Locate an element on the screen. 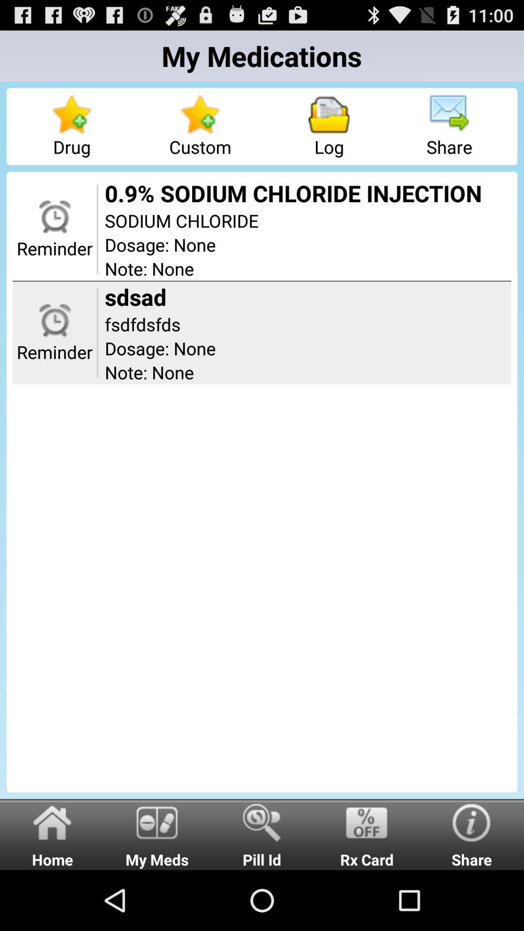 Image resolution: width=524 pixels, height=931 pixels. radio button next to share radio button is located at coordinates (367, 834).